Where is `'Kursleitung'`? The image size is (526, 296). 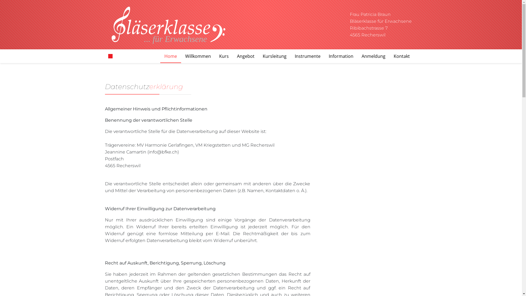 'Kursleitung' is located at coordinates (275, 56).